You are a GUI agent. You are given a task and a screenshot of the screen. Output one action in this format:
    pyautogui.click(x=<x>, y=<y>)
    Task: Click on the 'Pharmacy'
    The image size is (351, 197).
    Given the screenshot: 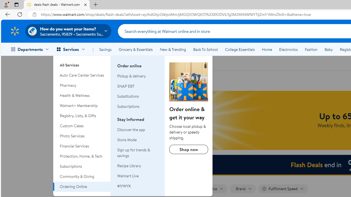 What is the action you would take?
    pyautogui.click(x=82, y=85)
    